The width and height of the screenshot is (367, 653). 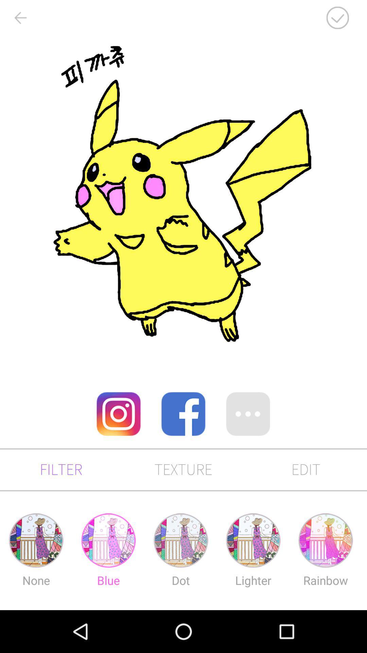 What do you see at coordinates (183, 414) in the screenshot?
I see `open facebook` at bounding box center [183, 414].